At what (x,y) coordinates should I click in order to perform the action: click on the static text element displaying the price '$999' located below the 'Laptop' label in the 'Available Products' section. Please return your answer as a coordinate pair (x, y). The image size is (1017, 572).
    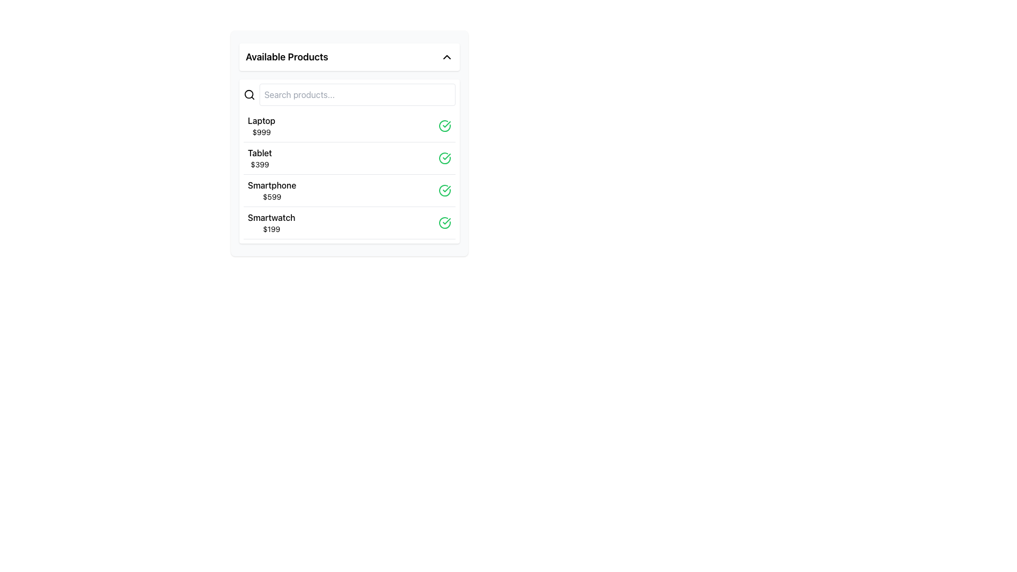
    Looking at the image, I should click on (262, 132).